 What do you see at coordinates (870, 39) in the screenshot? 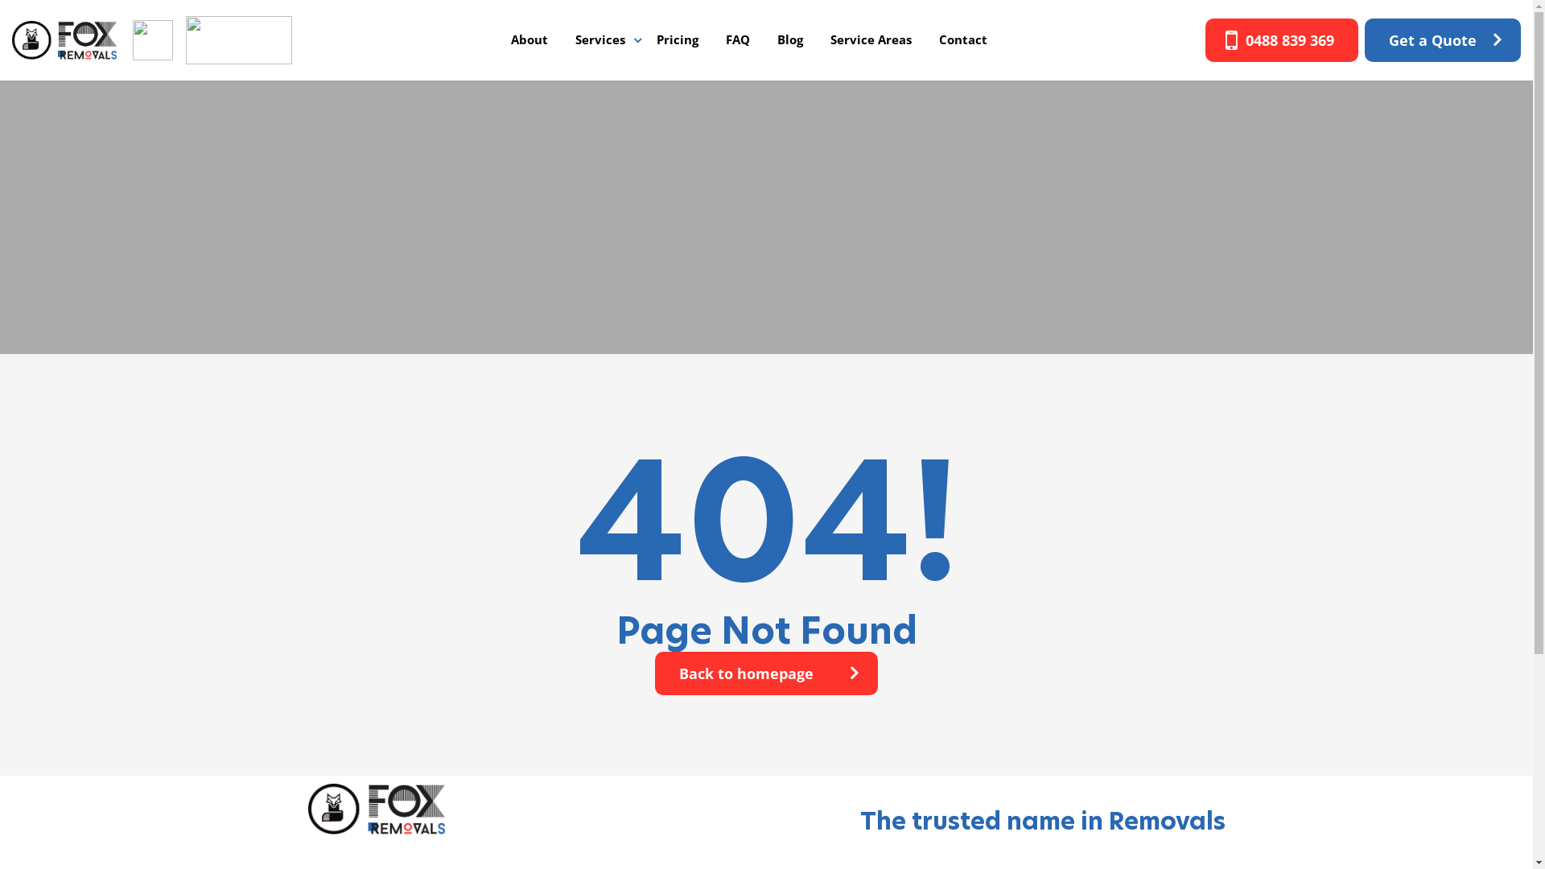
I see `'Service Areas'` at bounding box center [870, 39].